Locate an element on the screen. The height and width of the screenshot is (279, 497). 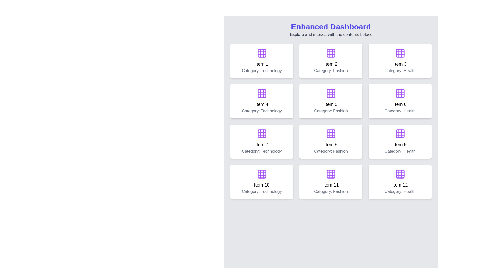
the rectangular card labeled 'Item 8' with a purple grid icon at the top is located at coordinates (331, 141).